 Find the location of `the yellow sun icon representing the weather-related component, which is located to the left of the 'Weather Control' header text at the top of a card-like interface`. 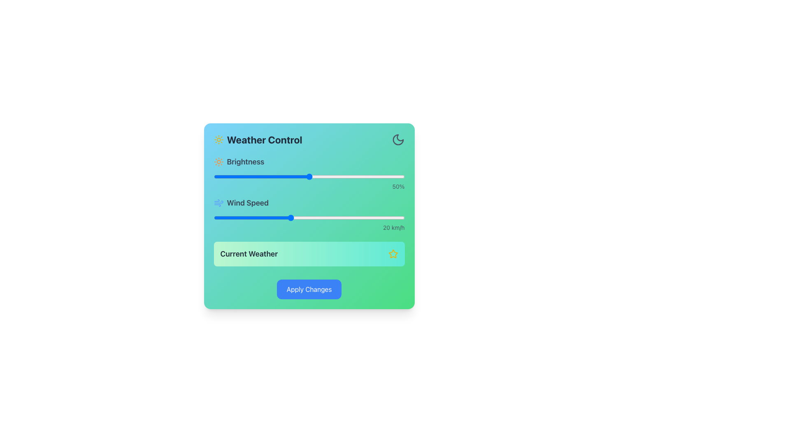

the yellow sun icon representing the weather-related component, which is located to the left of the 'Weather Control' header text at the top of a card-like interface is located at coordinates (218, 139).